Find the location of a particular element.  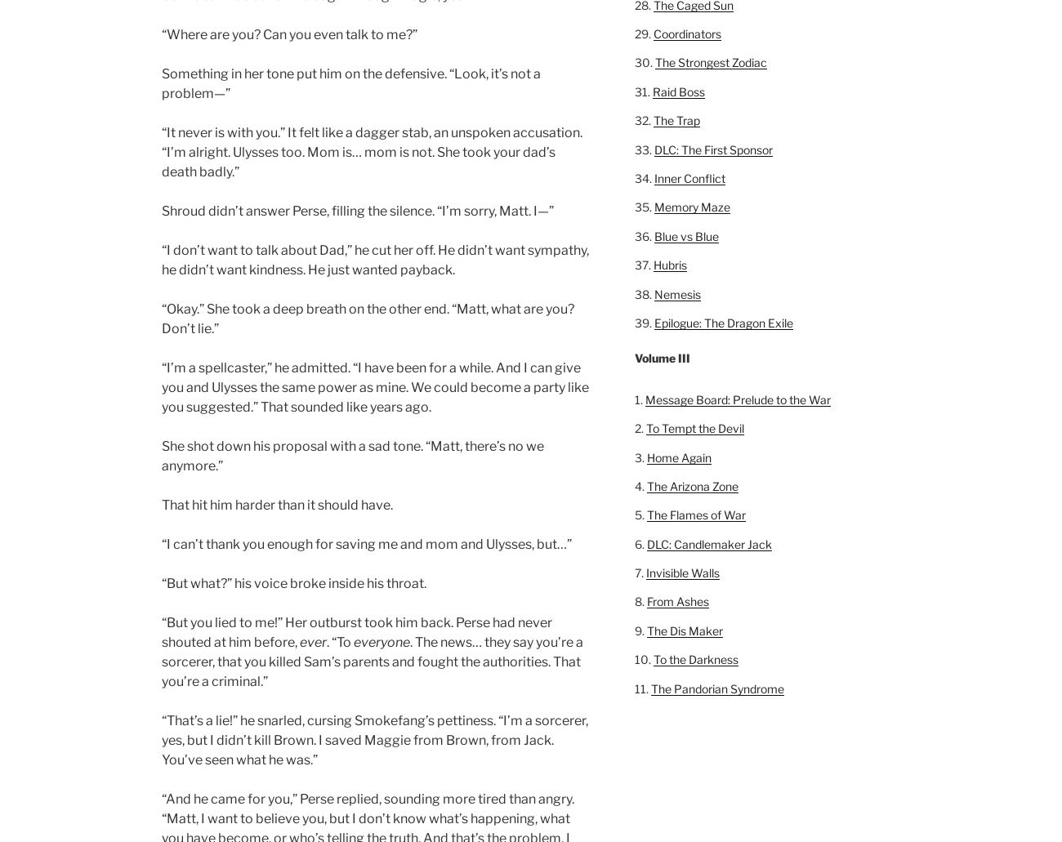

'Epilogue: The Dragon Exile' is located at coordinates (653, 321).